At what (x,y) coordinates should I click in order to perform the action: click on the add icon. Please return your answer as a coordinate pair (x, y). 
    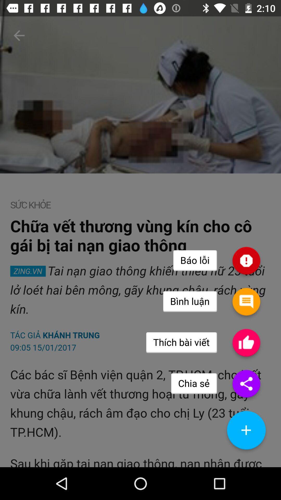
    Looking at the image, I should click on (246, 463).